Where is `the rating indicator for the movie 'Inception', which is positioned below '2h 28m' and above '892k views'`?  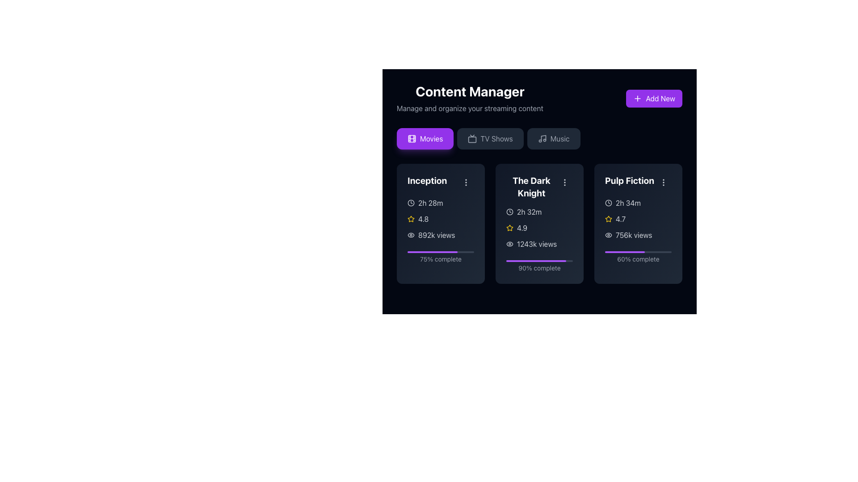 the rating indicator for the movie 'Inception', which is positioned below '2h 28m' and above '892k views' is located at coordinates (441, 219).